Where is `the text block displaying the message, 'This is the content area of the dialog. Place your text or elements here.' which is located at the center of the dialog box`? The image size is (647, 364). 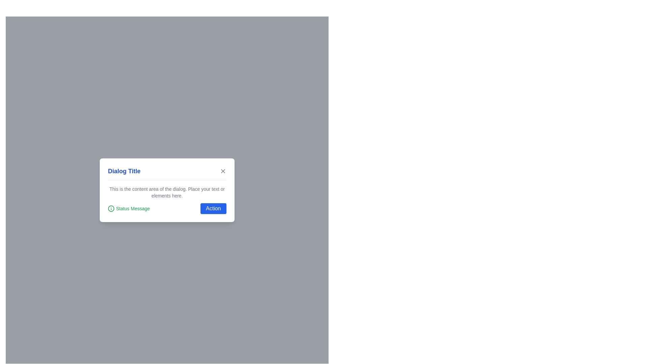
the text block displaying the message, 'This is the content area of the dialog. Place your text or elements here.' which is located at the center of the dialog box is located at coordinates (167, 192).